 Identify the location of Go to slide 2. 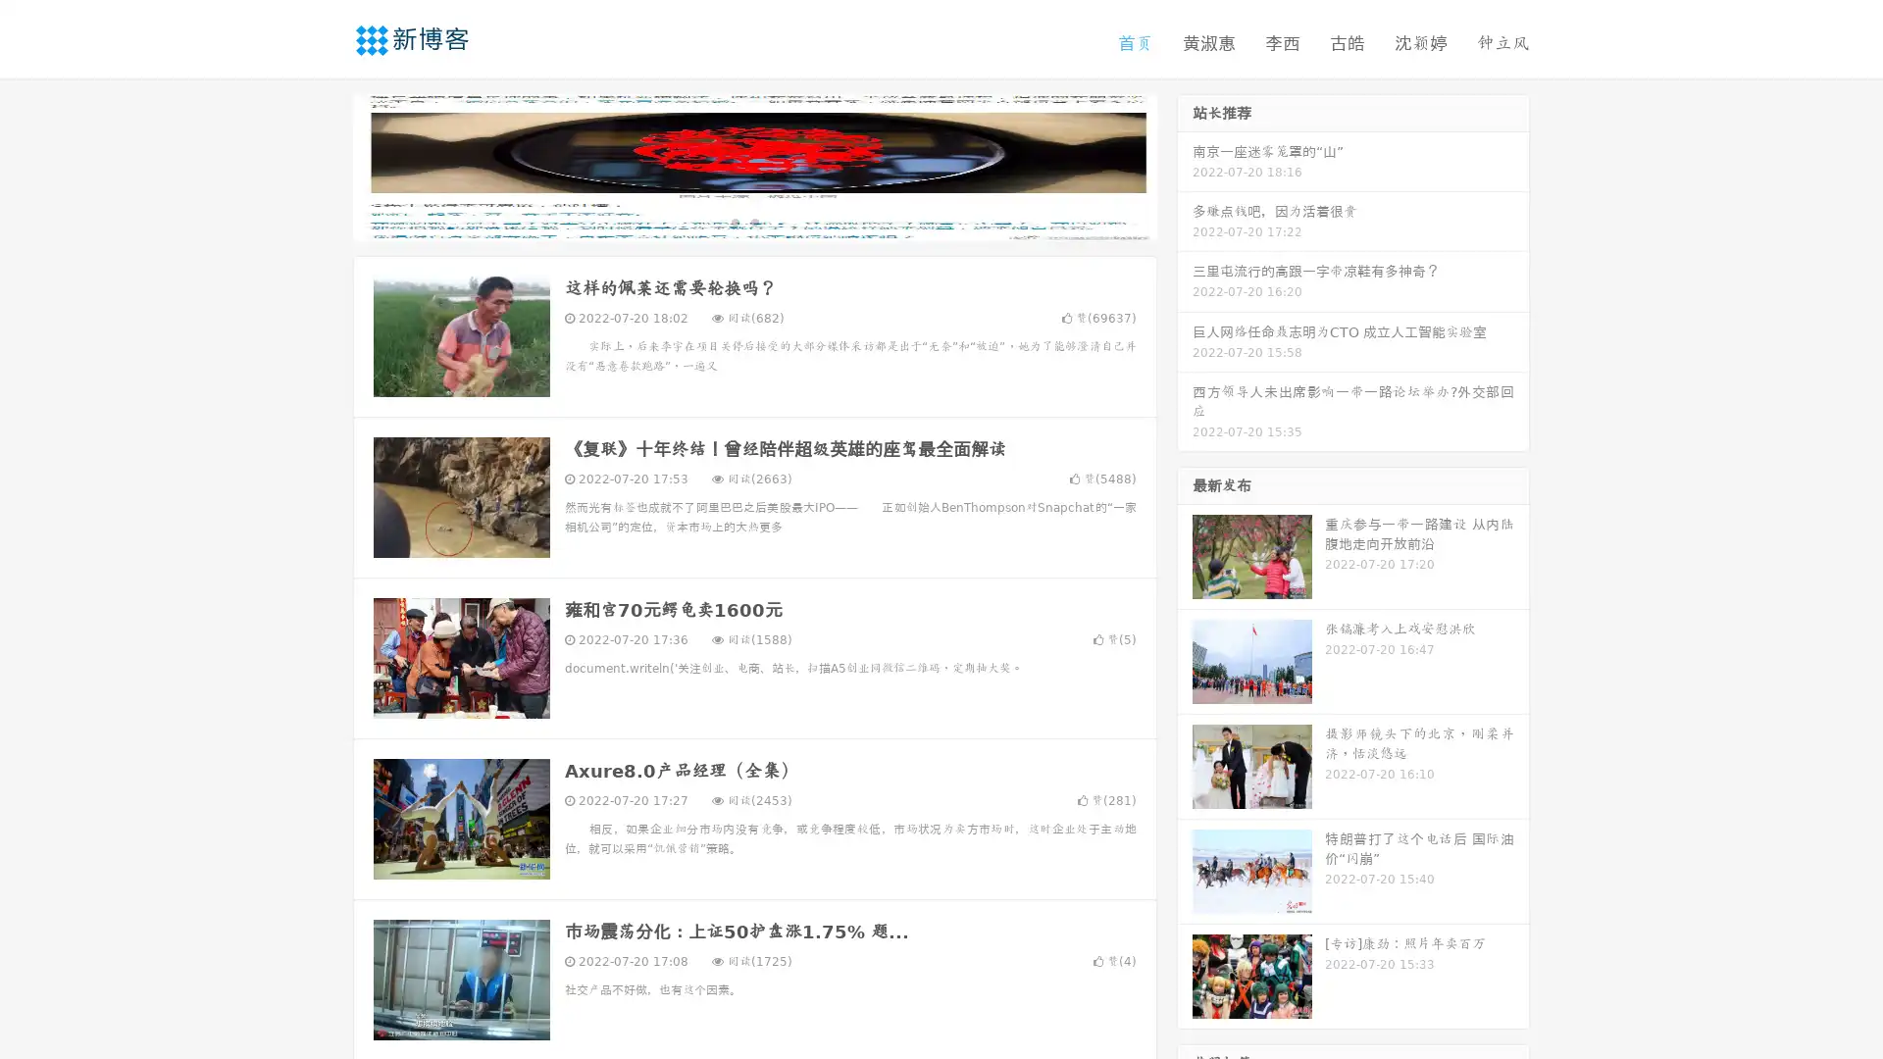
(753, 221).